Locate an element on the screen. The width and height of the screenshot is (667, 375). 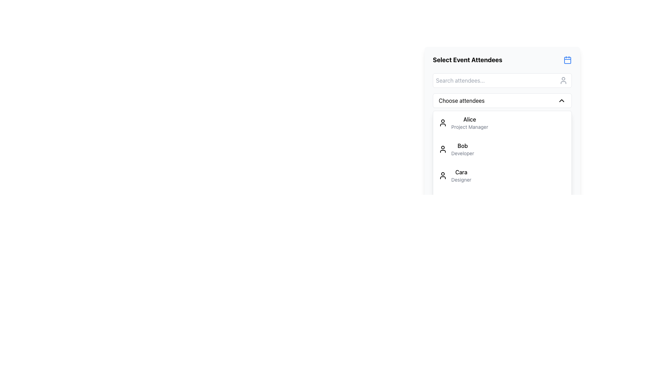
the user profile icon, which is a silhouette of a person, located to the left of the text 'Cara Designer' is located at coordinates (443, 175).